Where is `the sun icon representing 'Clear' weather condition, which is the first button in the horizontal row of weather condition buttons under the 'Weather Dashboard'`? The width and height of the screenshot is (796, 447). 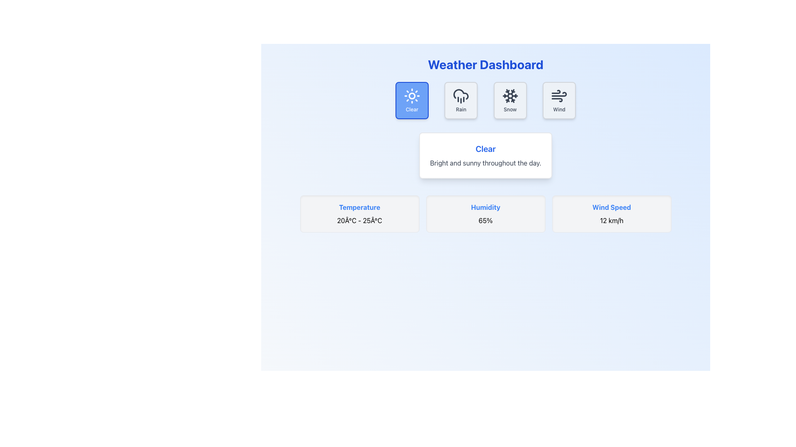
the sun icon representing 'Clear' weather condition, which is the first button in the horizontal row of weather condition buttons under the 'Weather Dashboard' is located at coordinates (412, 95).